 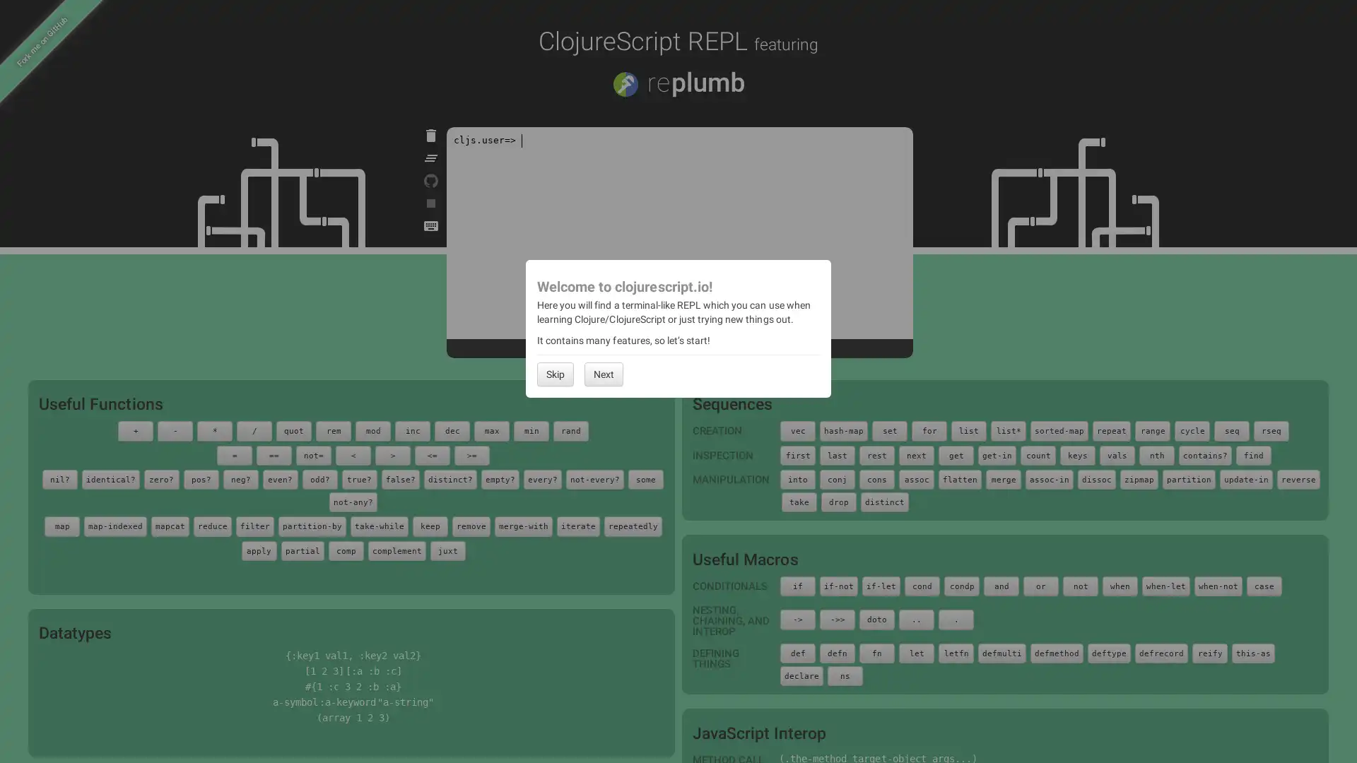 I want to click on defmulti, so click(x=1001, y=653).